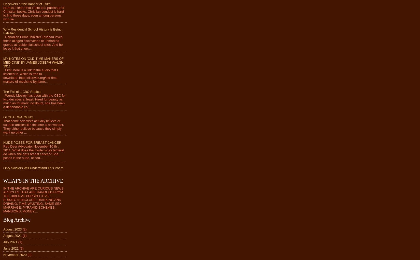  What do you see at coordinates (34, 101) in the screenshot?
I see `'Wendy Mesley has been with the CBC for two decades at least. Hired for beauty as much as for merit, no doubt, she has been a dependable co...'` at bounding box center [34, 101].